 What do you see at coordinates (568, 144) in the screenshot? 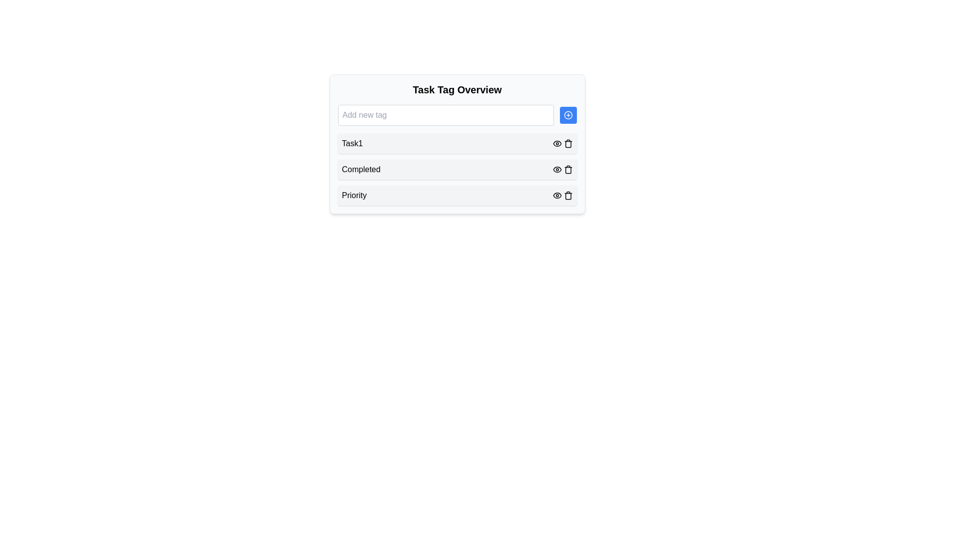
I see `the delete button next to the view icon for 'Task1'` at bounding box center [568, 144].